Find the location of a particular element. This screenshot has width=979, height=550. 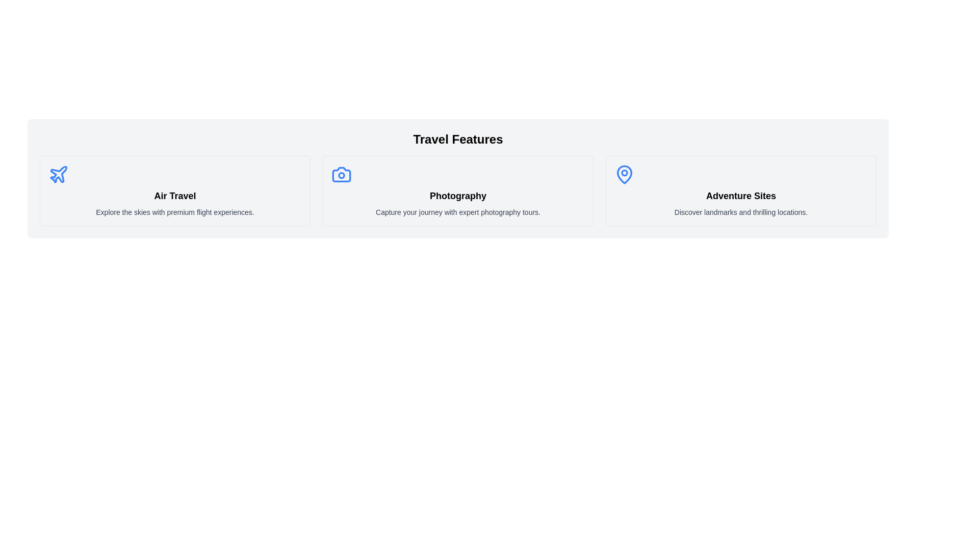

the descriptive text paragraph located beneath the 'Air Travel' heading in the first section of travel feature types is located at coordinates (175, 211).